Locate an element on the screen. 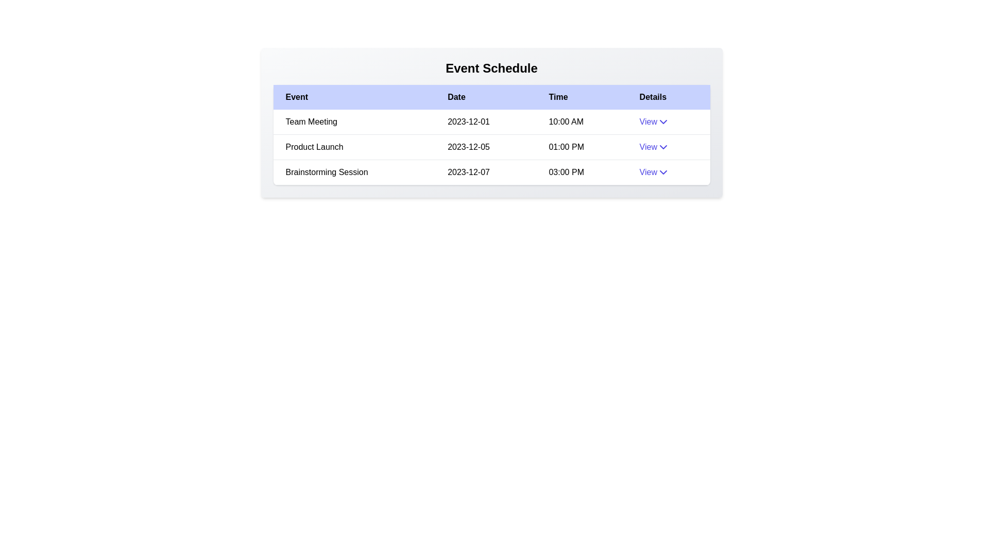 Image resolution: width=989 pixels, height=556 pixels. the column header labeled 'Date' to sort the table by that column is located at coordinates (485, 97).